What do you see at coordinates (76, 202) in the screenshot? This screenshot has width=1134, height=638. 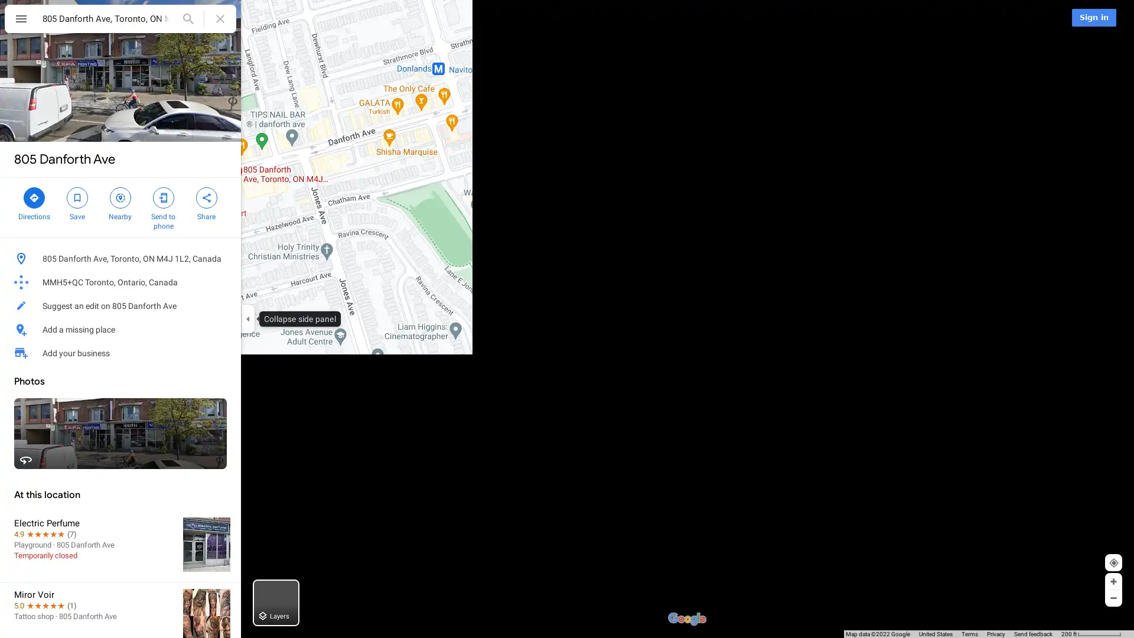 I see `Save 805 Danforth Ave in your lists` at bounding box center [76, 202].